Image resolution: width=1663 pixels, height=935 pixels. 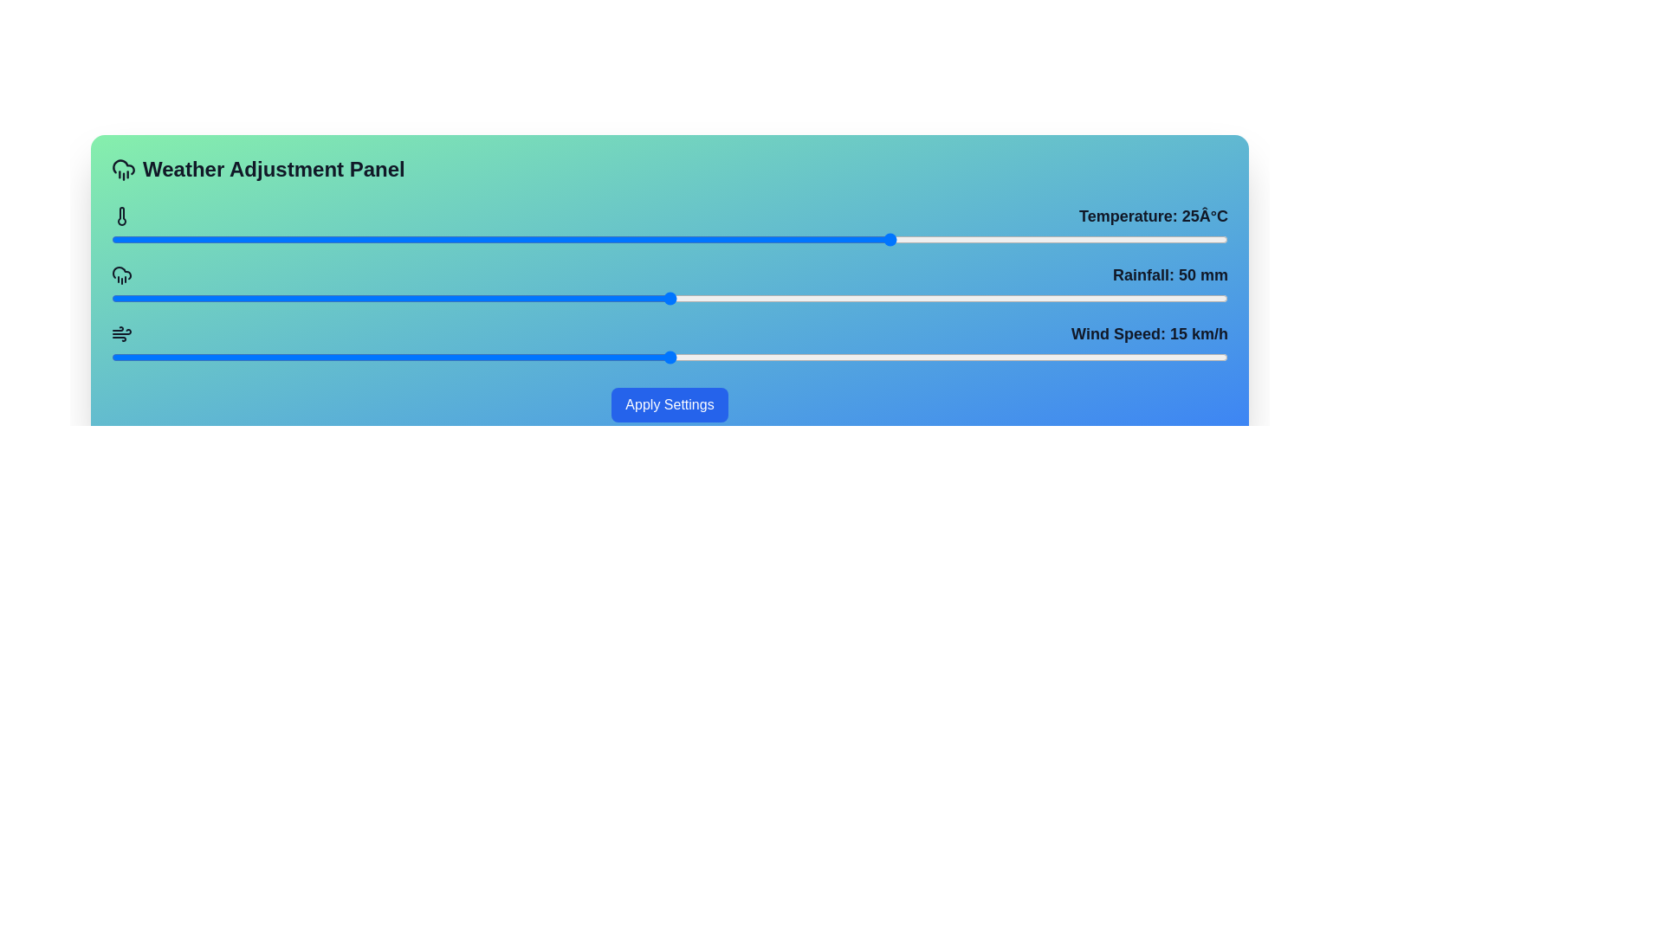 I want to click on the wind speed, so click(x=595, y=356).